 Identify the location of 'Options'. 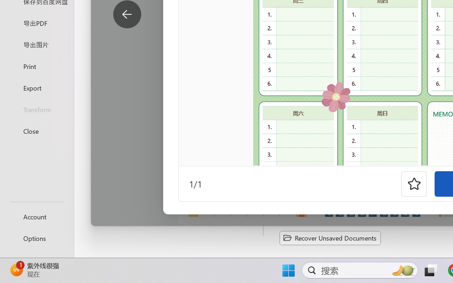
(36, 238).